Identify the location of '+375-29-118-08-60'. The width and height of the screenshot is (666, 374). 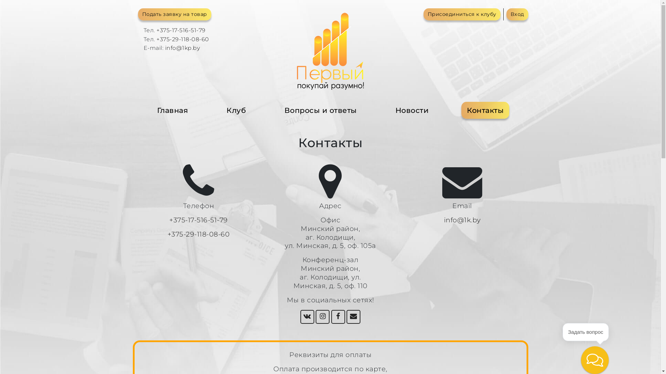
(183, 39).